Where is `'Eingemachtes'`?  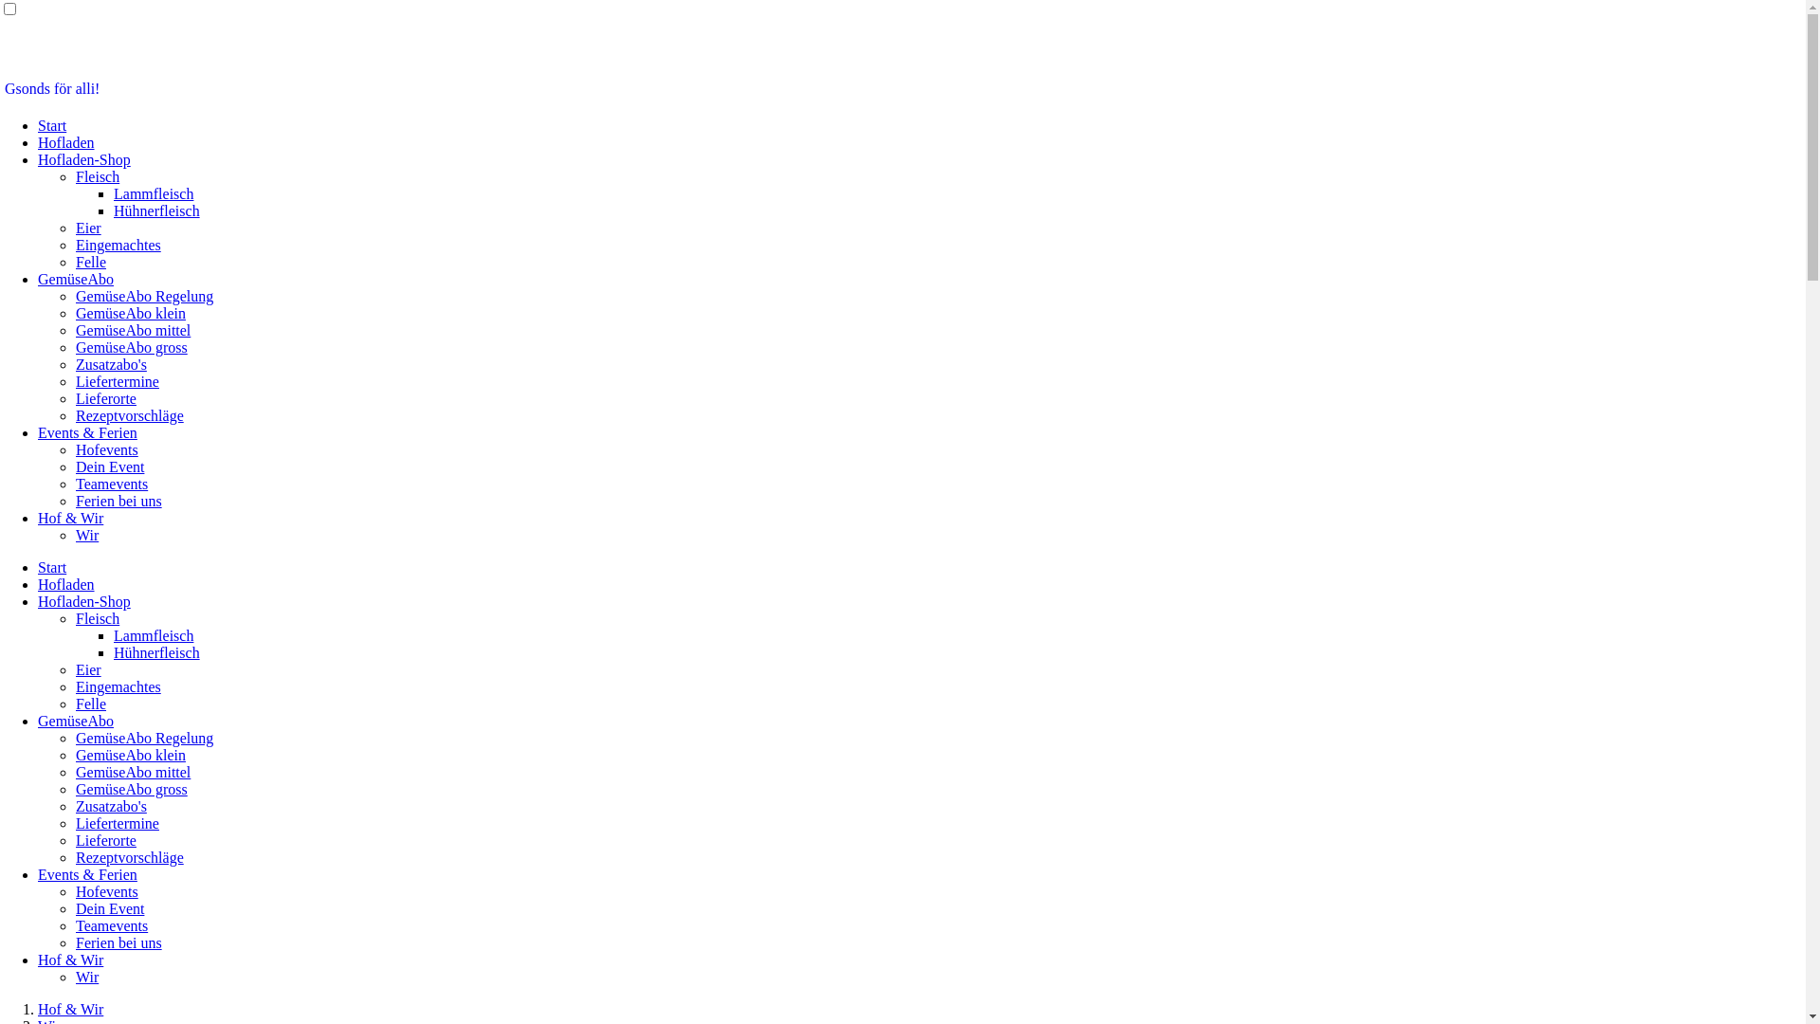 'Eingemachtes' is located at coordinates (117, 244).